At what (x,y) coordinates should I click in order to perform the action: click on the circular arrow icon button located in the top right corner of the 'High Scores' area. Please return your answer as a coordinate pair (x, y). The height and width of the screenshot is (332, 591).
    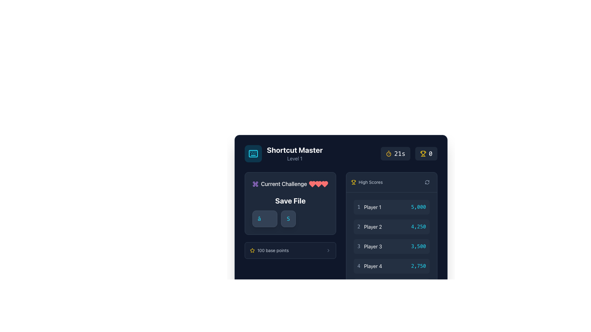
    Looking at the image, I should click on (427, 182).